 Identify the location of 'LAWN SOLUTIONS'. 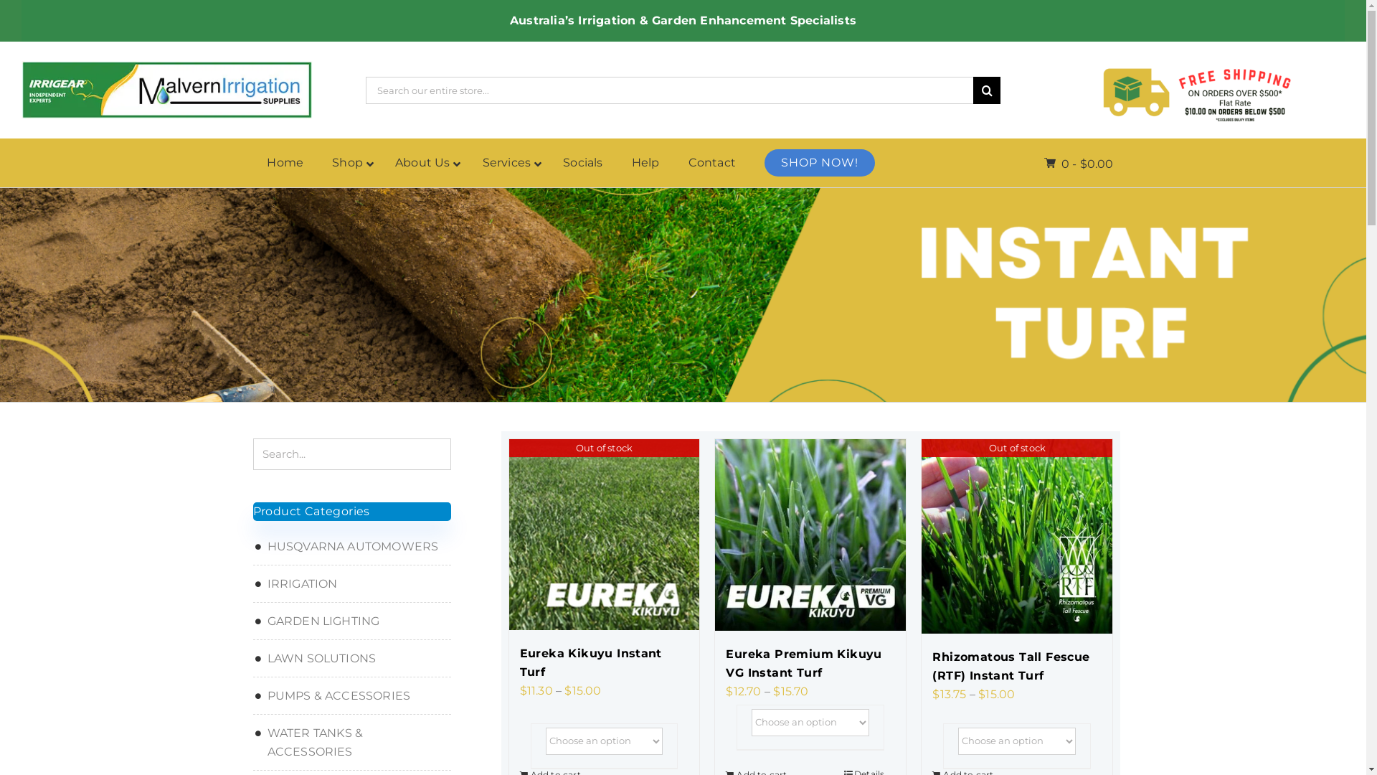
(351, 659).